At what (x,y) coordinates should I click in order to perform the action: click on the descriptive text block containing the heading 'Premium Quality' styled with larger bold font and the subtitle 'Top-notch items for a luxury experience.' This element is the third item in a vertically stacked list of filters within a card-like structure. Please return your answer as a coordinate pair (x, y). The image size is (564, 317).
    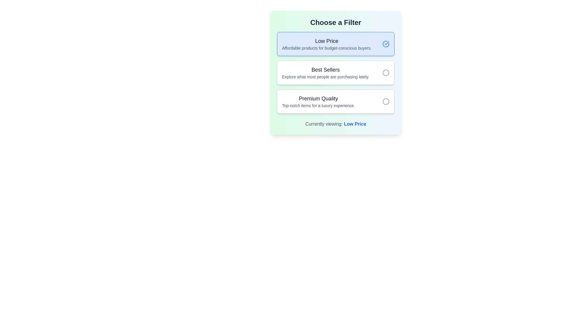
    Looking at the image, I should click on (318, 101).